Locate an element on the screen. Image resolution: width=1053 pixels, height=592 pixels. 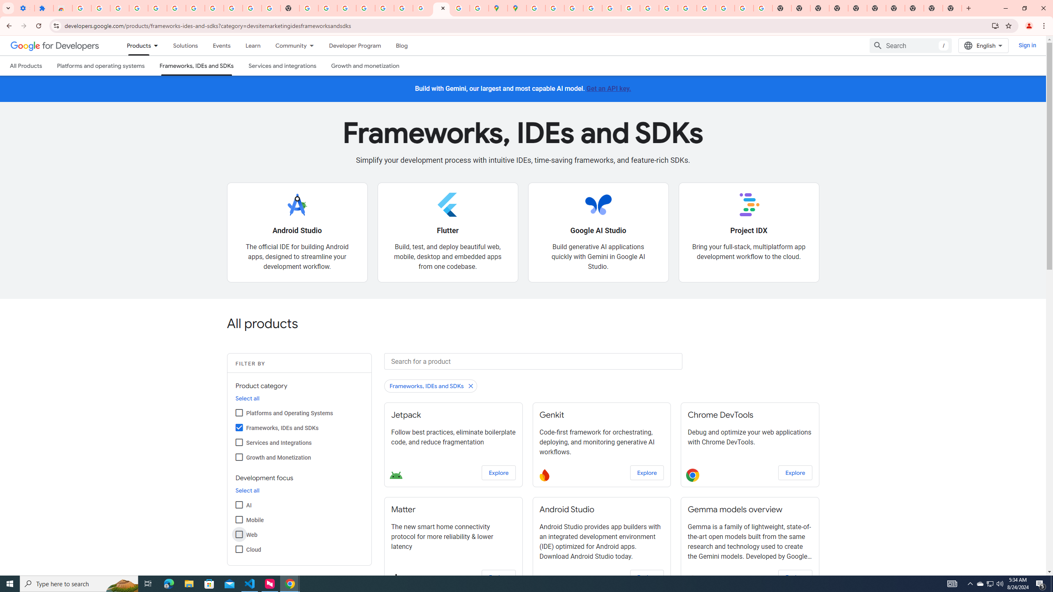
'Learn how to find your photos - Google Photos Help' is located at coordinates (157, 8).